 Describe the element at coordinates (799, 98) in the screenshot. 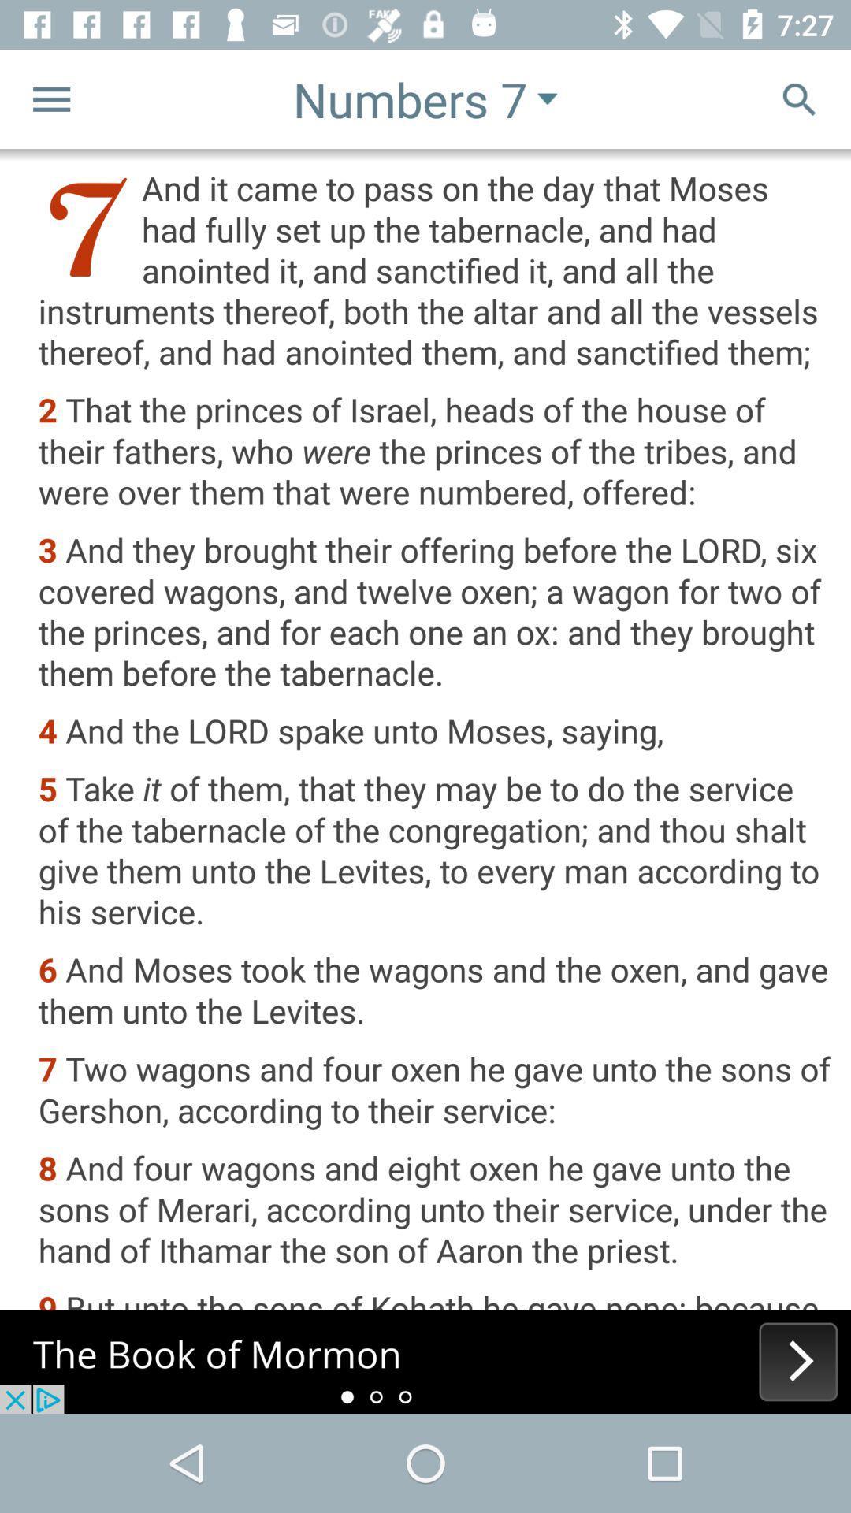

I see `search for results` at that location.